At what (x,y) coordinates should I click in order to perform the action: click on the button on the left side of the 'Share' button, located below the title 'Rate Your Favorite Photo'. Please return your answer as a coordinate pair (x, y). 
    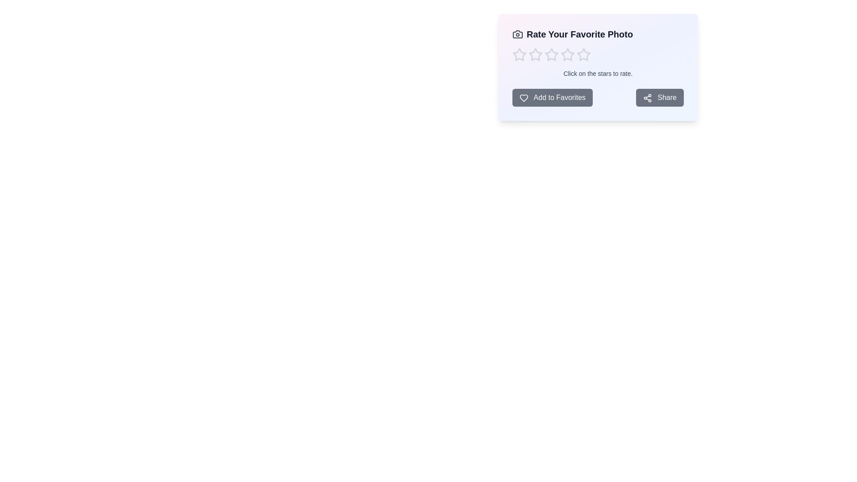
    Looking at the image, I should click on (552, 98).